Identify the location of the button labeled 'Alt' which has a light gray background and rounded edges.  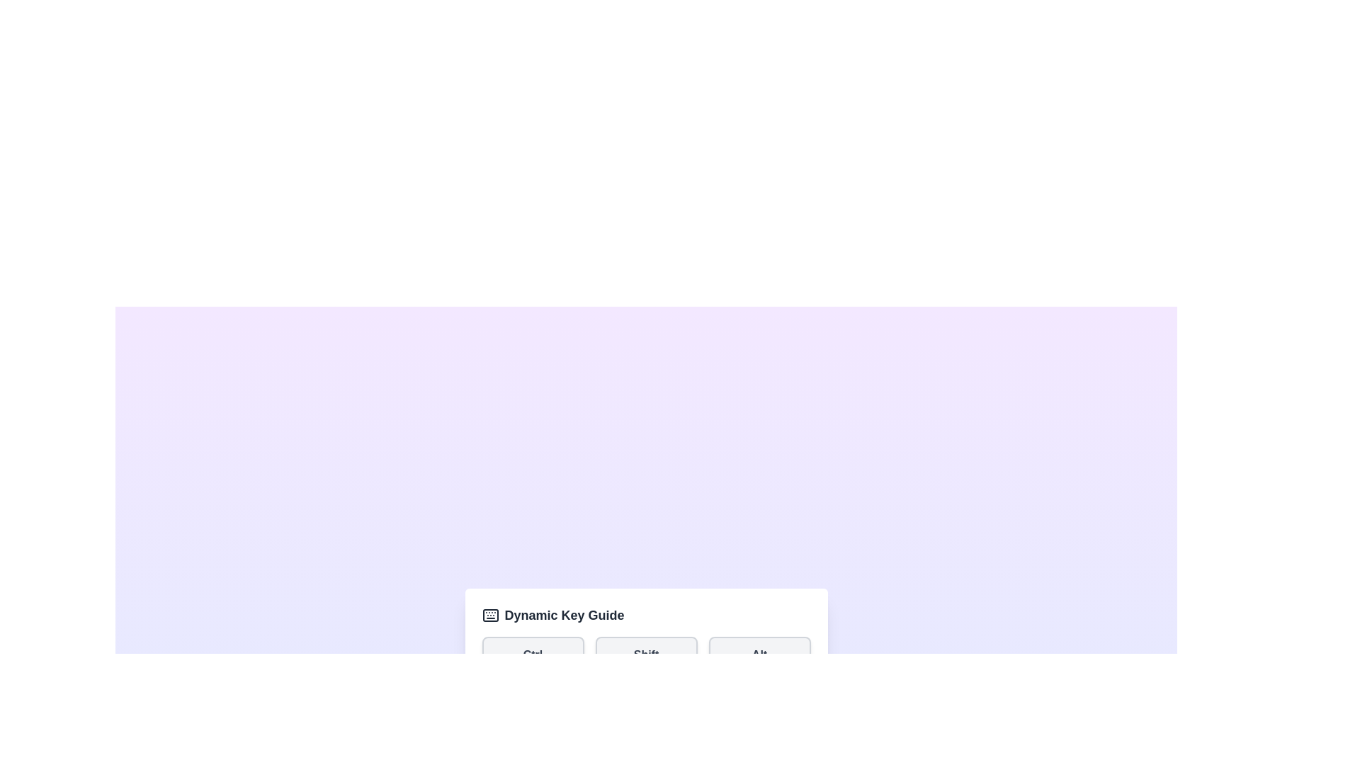
(759, 655).